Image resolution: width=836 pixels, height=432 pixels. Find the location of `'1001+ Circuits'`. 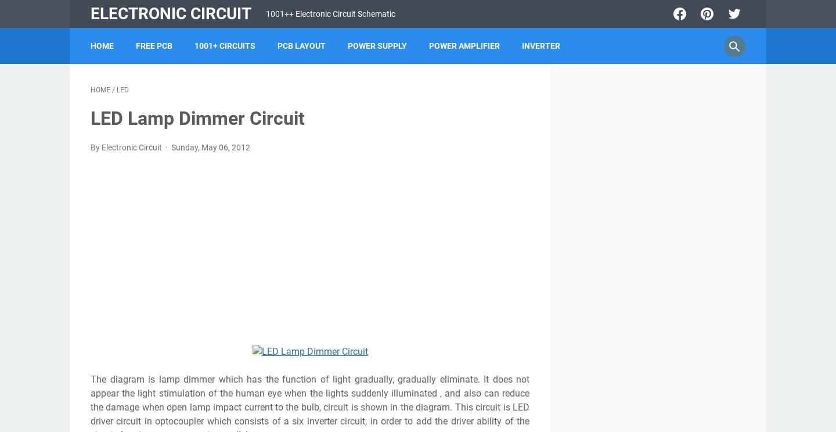

'1001+ Circuits' is located at coordinates (194, 46).